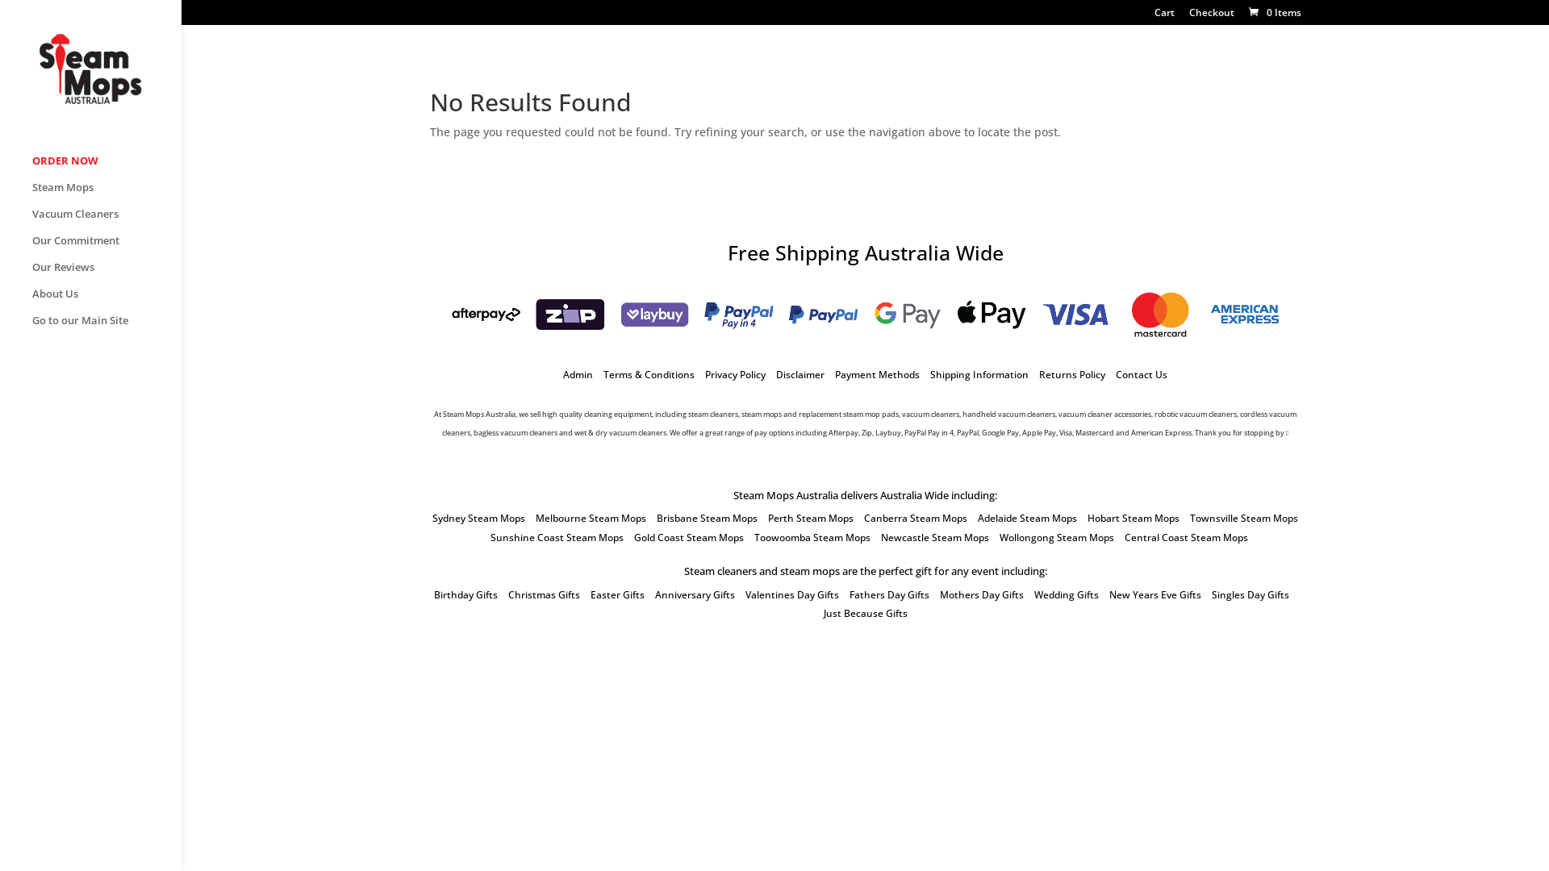  Describe the element at coordinates (478, 518) in the screenshot. I see `'Sydney Steam Mops'` at that location.